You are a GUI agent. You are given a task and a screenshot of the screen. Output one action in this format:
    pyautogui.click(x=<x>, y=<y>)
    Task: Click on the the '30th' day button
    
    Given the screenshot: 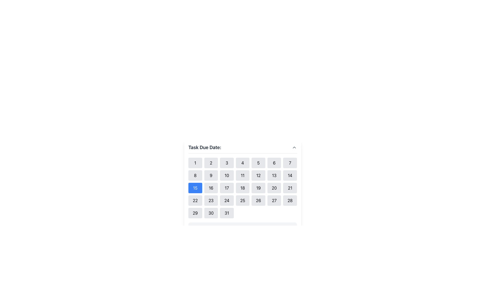 What is the action you would take?
    pyautogui.click(x=211, y=213)
    